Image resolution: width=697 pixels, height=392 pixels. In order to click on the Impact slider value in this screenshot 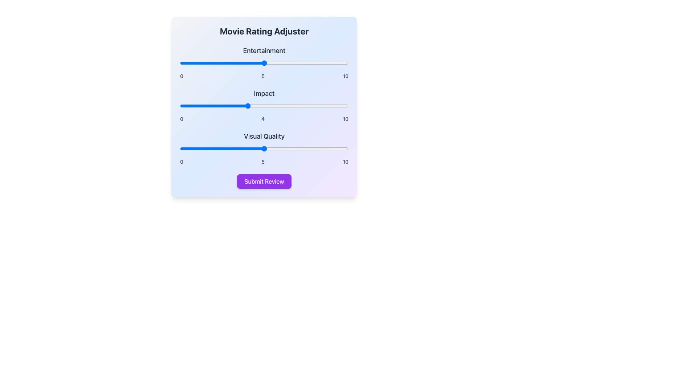, I will do `click(197, 106)`.